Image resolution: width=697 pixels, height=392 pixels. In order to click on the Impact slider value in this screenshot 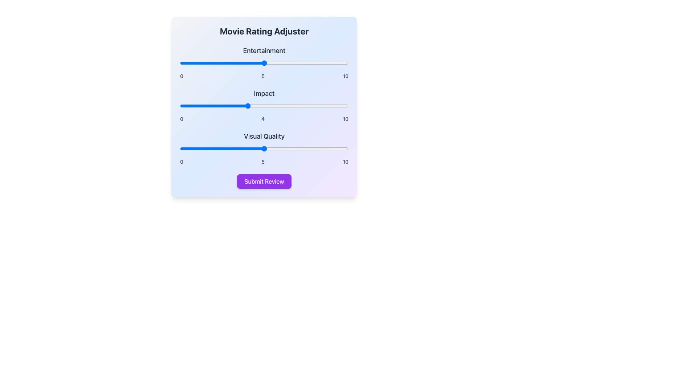, I will do `click(197, 106)`.